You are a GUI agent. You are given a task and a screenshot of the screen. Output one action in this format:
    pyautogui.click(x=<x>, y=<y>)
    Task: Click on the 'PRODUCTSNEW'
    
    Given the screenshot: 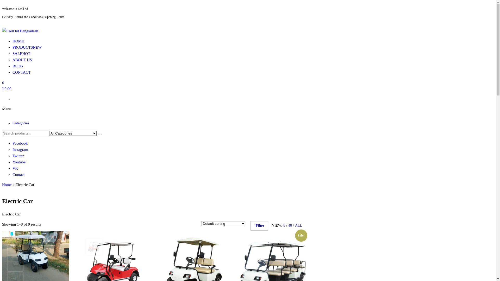 What is the action you would take?
    pyautogui.click(x=12, y=47)
    